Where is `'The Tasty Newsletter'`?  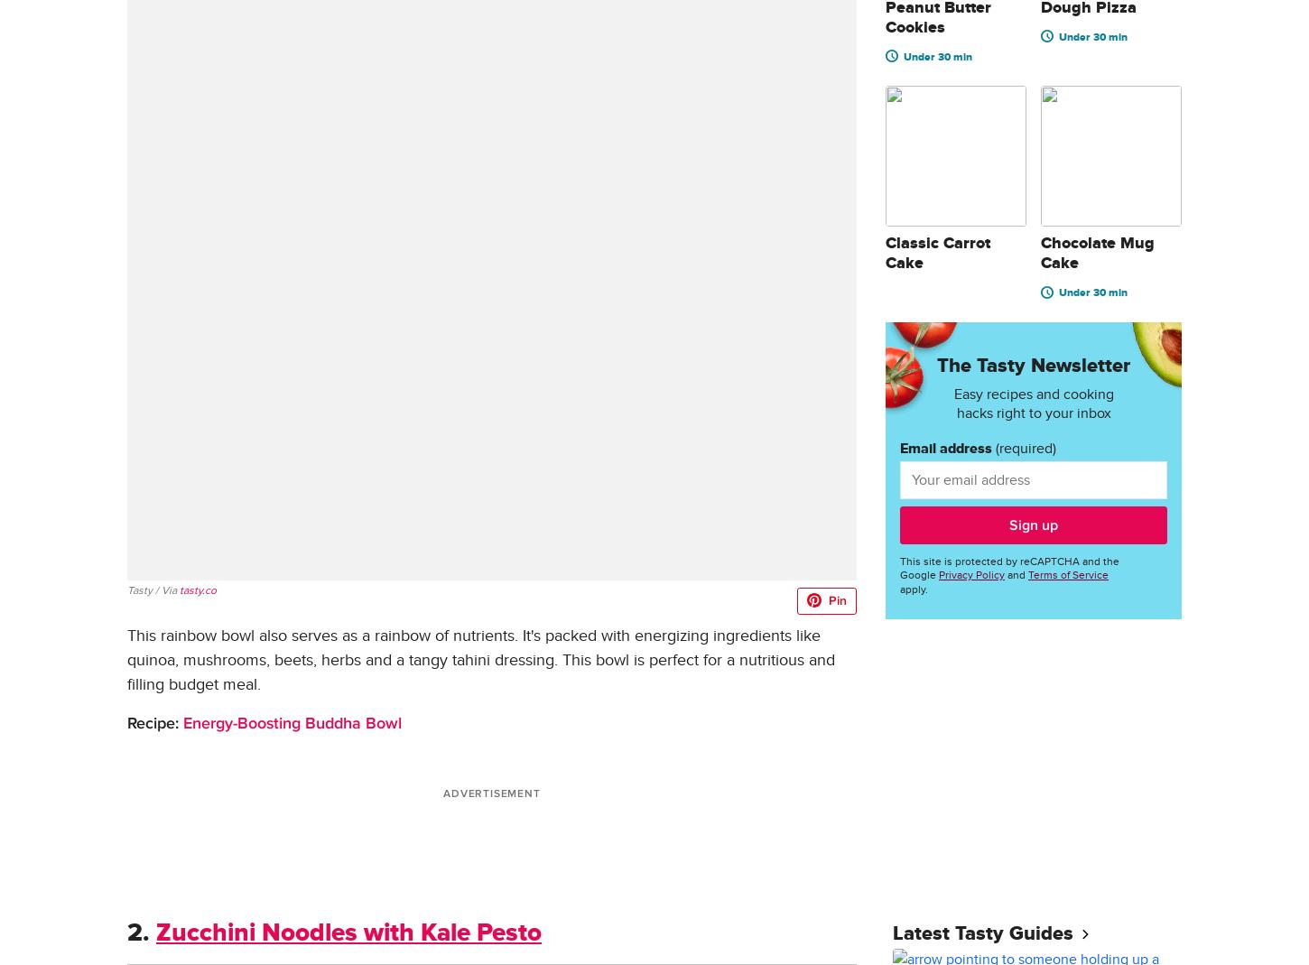
'The Tasty Newsletter' is located at coordinates (1033, 365).